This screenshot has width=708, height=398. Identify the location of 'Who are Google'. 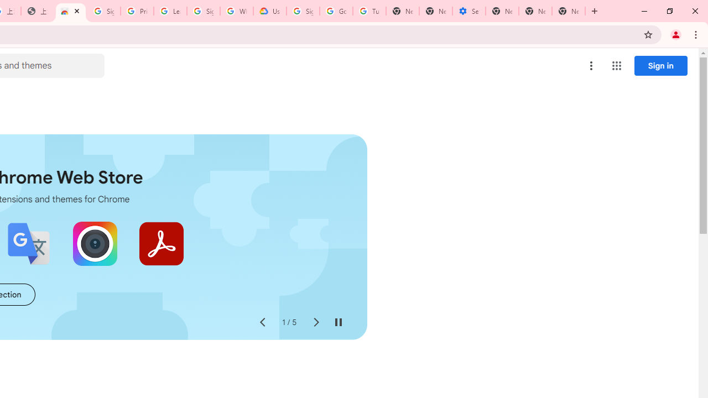
(236, 11).